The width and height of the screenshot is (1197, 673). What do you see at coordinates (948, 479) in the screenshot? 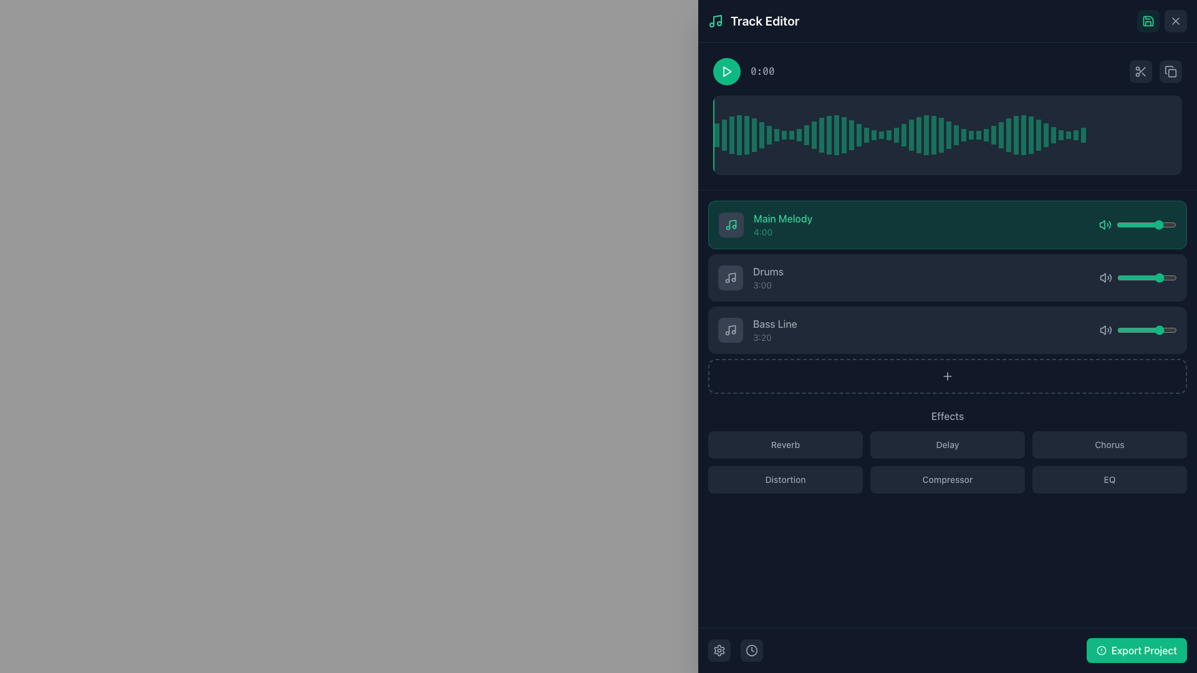
I see `the rounded rectangular button with a dark gray background and 'Compressor' in light gray text` at bounding box center [948, 479].